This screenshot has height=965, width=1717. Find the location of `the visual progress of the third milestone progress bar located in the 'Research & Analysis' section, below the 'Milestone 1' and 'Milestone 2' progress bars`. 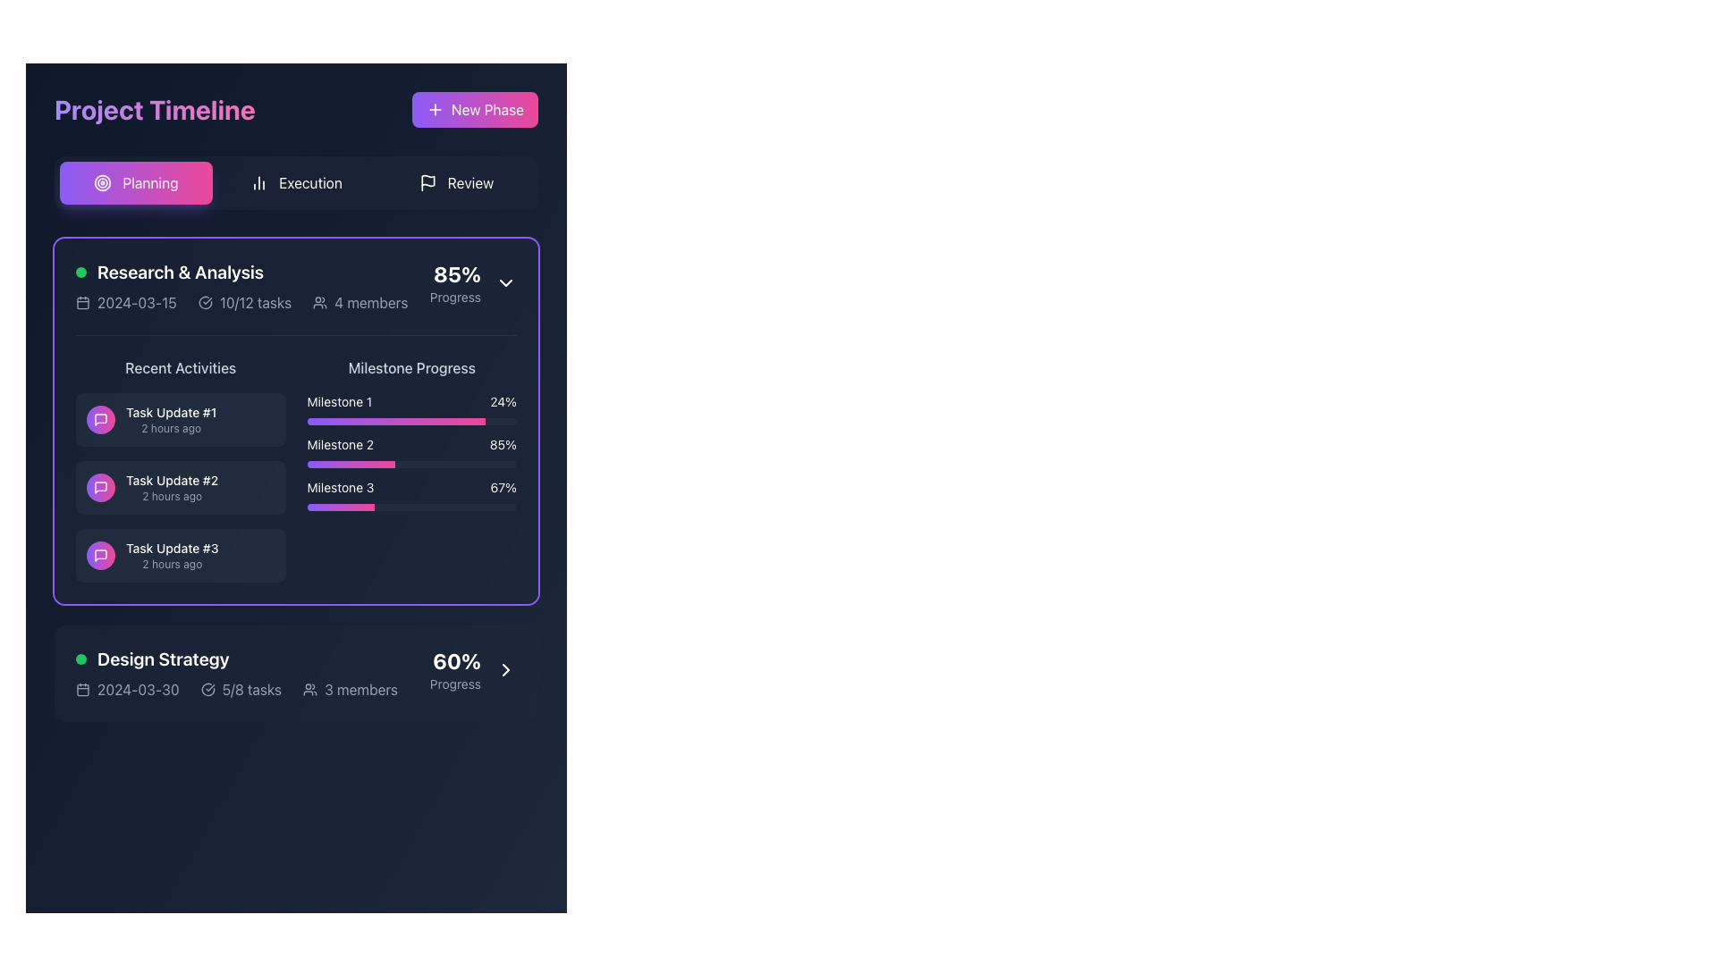

the visual progress of the third milestone progress bar located in the 'Research & Analysis' section, below the 'Milestone 1' and 'Milestone 2' progress bars is located at coordinates (410, 495).